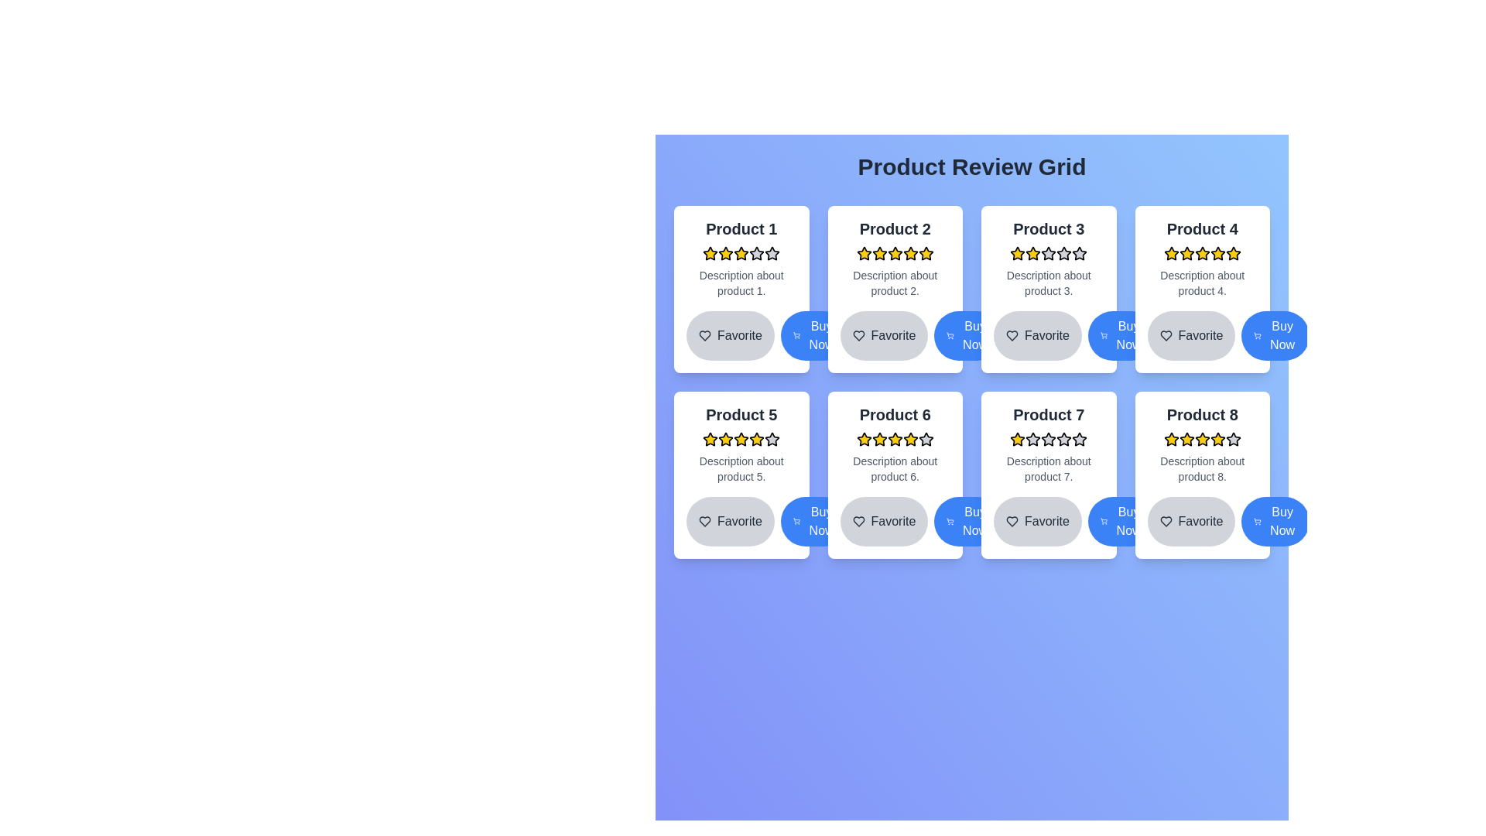  Describe the element at coordinates (967, 335) in the screenshot. I see `the purchase button for Product 3, which is the second button in a horizontal alignment below the product card` at that location.